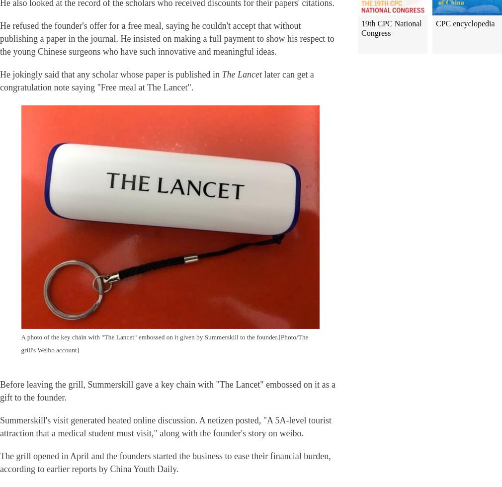 This screenshot has width=502, height=487. I want to click on 'later can get a congratulation note saying "Free meal at The Lancet".', so click(0, 81).